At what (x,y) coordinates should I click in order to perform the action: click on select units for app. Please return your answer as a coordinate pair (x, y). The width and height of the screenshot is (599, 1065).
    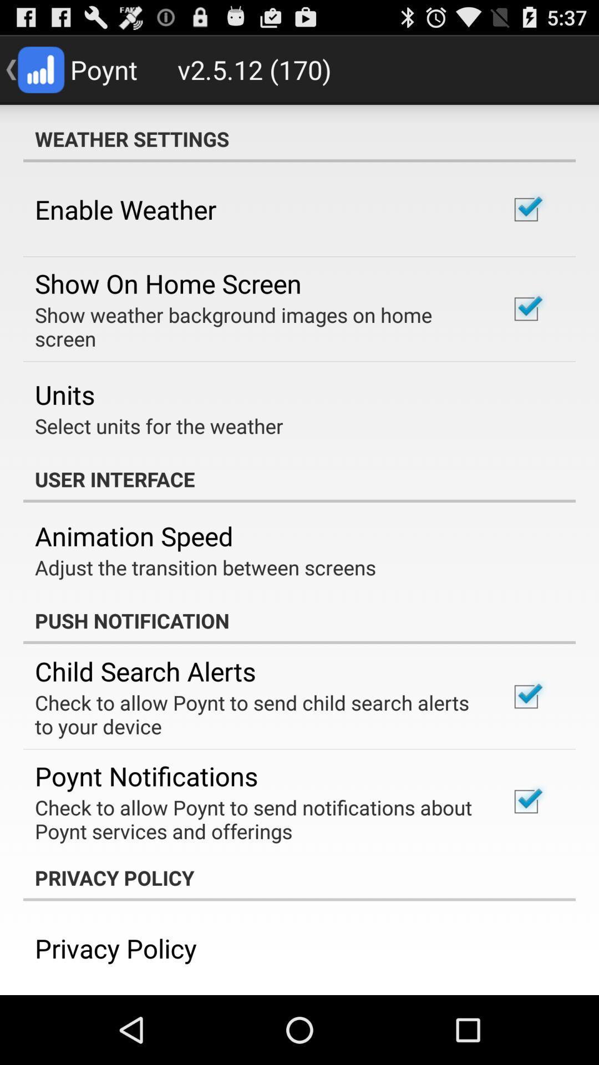
    Looking at the image, I should click on (159, 425).